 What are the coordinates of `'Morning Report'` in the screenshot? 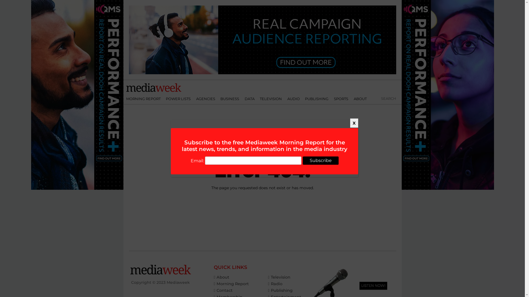 It's located at (231, 284).